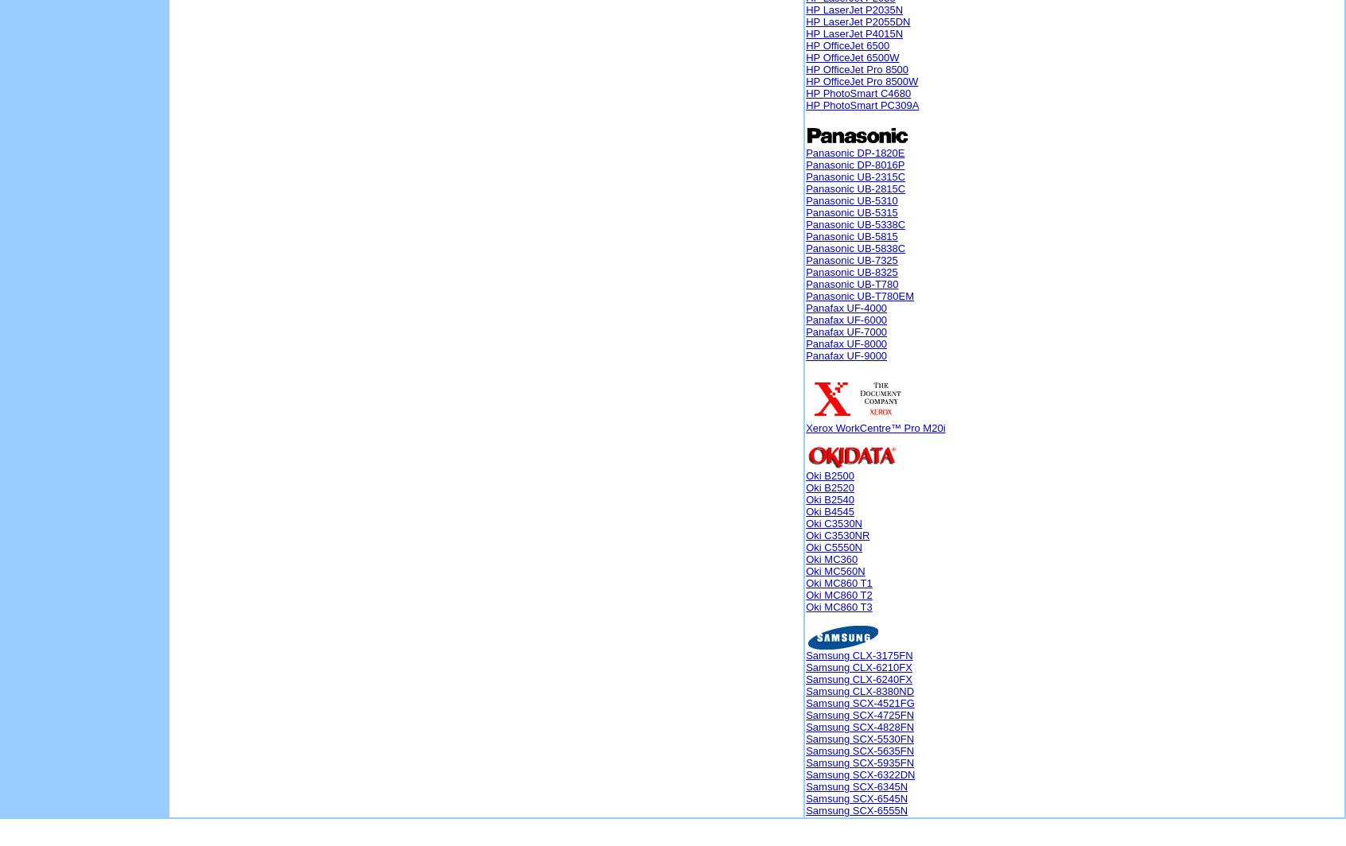  What do you see at coordinates (860, 774) in the screenshot?
I see `'Samsung SCX-6322DN'` at bounding box center [860, 774].